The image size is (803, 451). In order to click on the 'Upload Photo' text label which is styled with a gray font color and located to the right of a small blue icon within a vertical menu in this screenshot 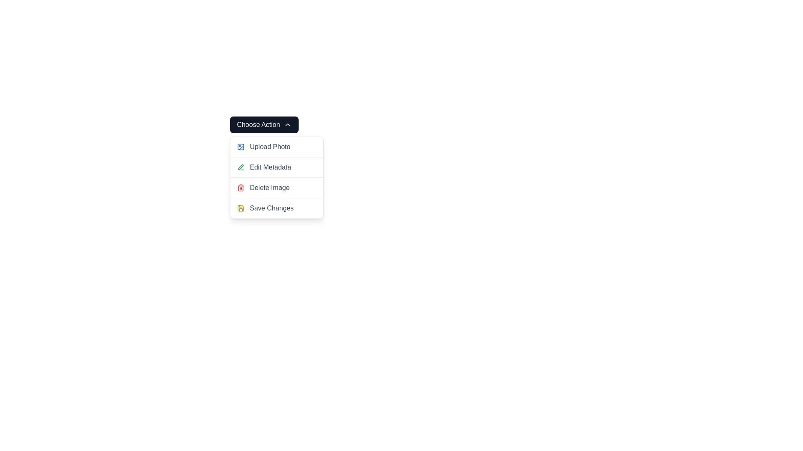, I will do `click(270, 146)`.